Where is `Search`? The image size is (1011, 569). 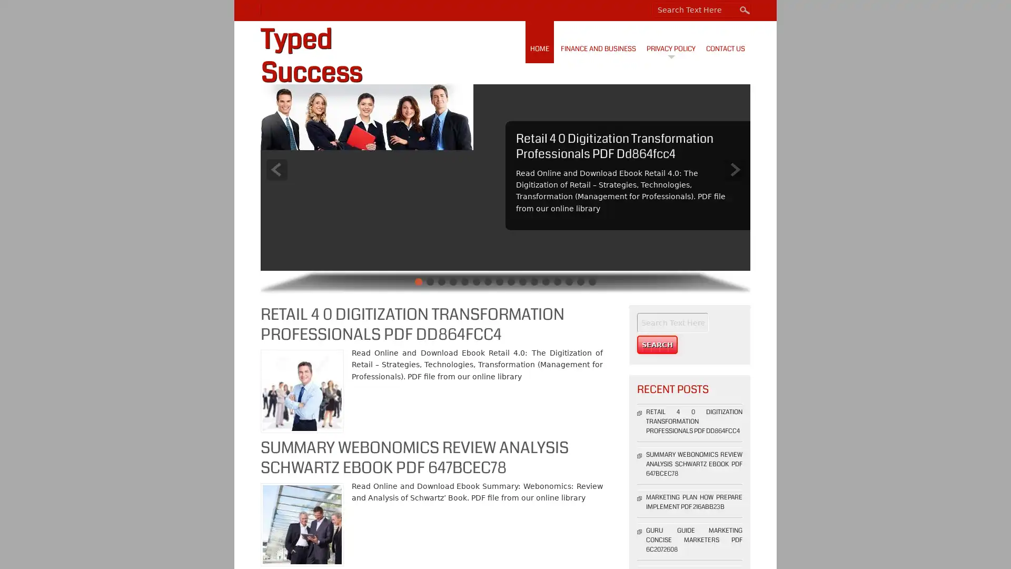
Search is located at coordinates (657, 345).